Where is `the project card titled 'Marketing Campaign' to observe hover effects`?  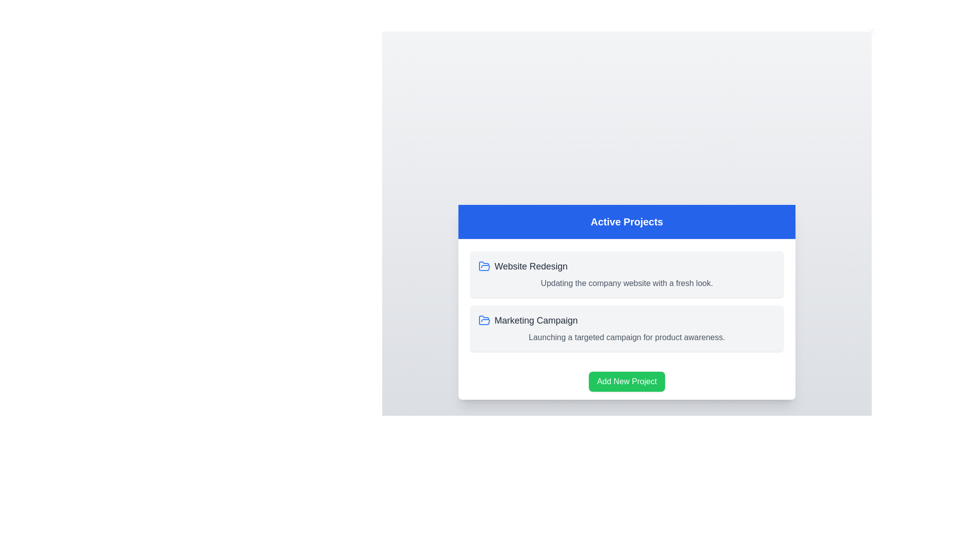
the project card titled 'Marketing Campaign' to observe hover effects is located at coordinates (626, 328).